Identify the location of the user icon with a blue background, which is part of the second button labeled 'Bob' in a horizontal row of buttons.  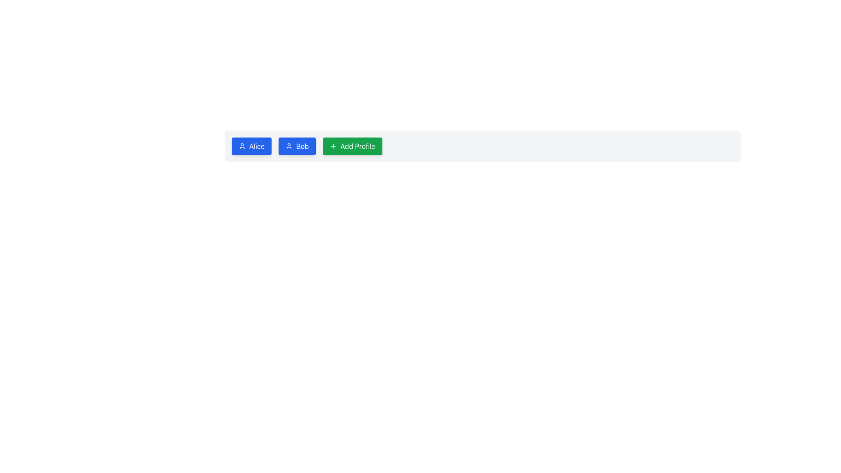
(289, 146).